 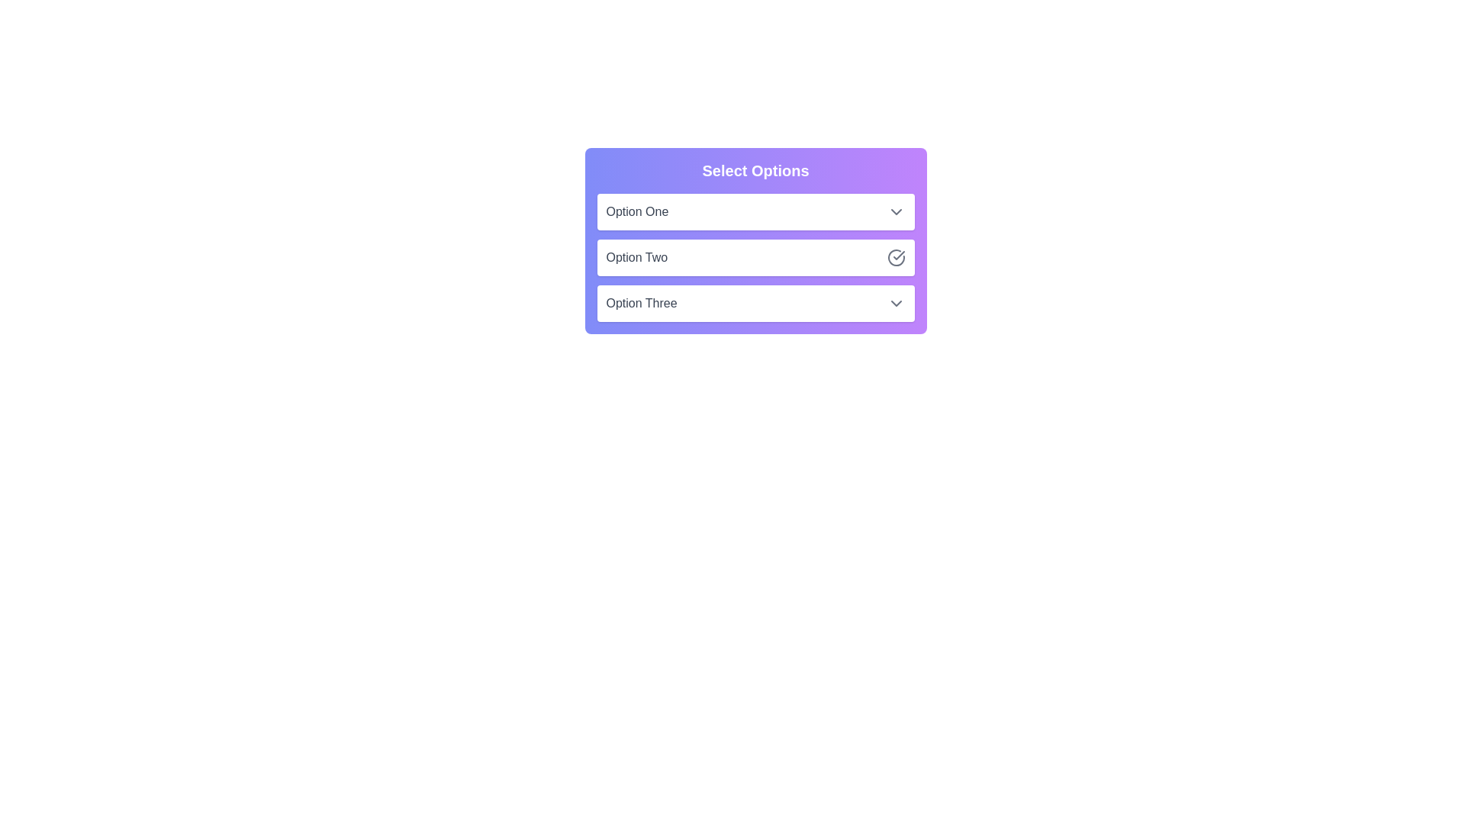 What do you see at coordinates (896, 257) in the screenshot?
I see `toggle button for Option Two to toggle its selection state` at bounding box center [896, 257].